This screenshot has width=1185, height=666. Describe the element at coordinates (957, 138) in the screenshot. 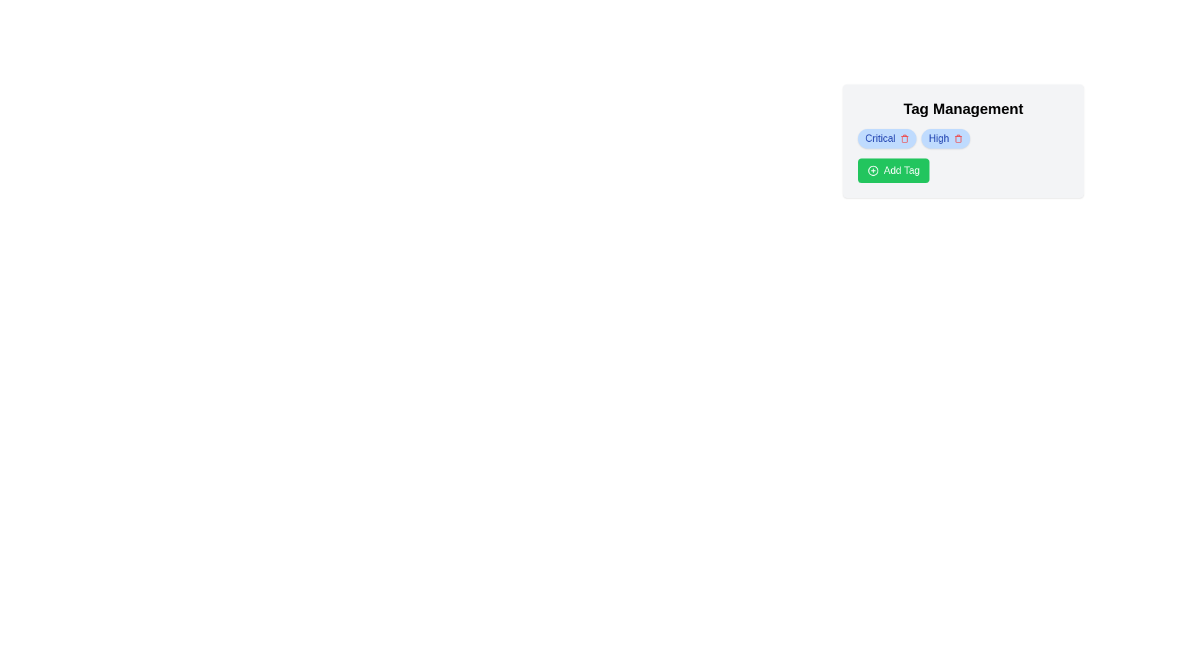

I see `the delete button located to the right of the 'High' label in the 'Tag Management' section` at that location.